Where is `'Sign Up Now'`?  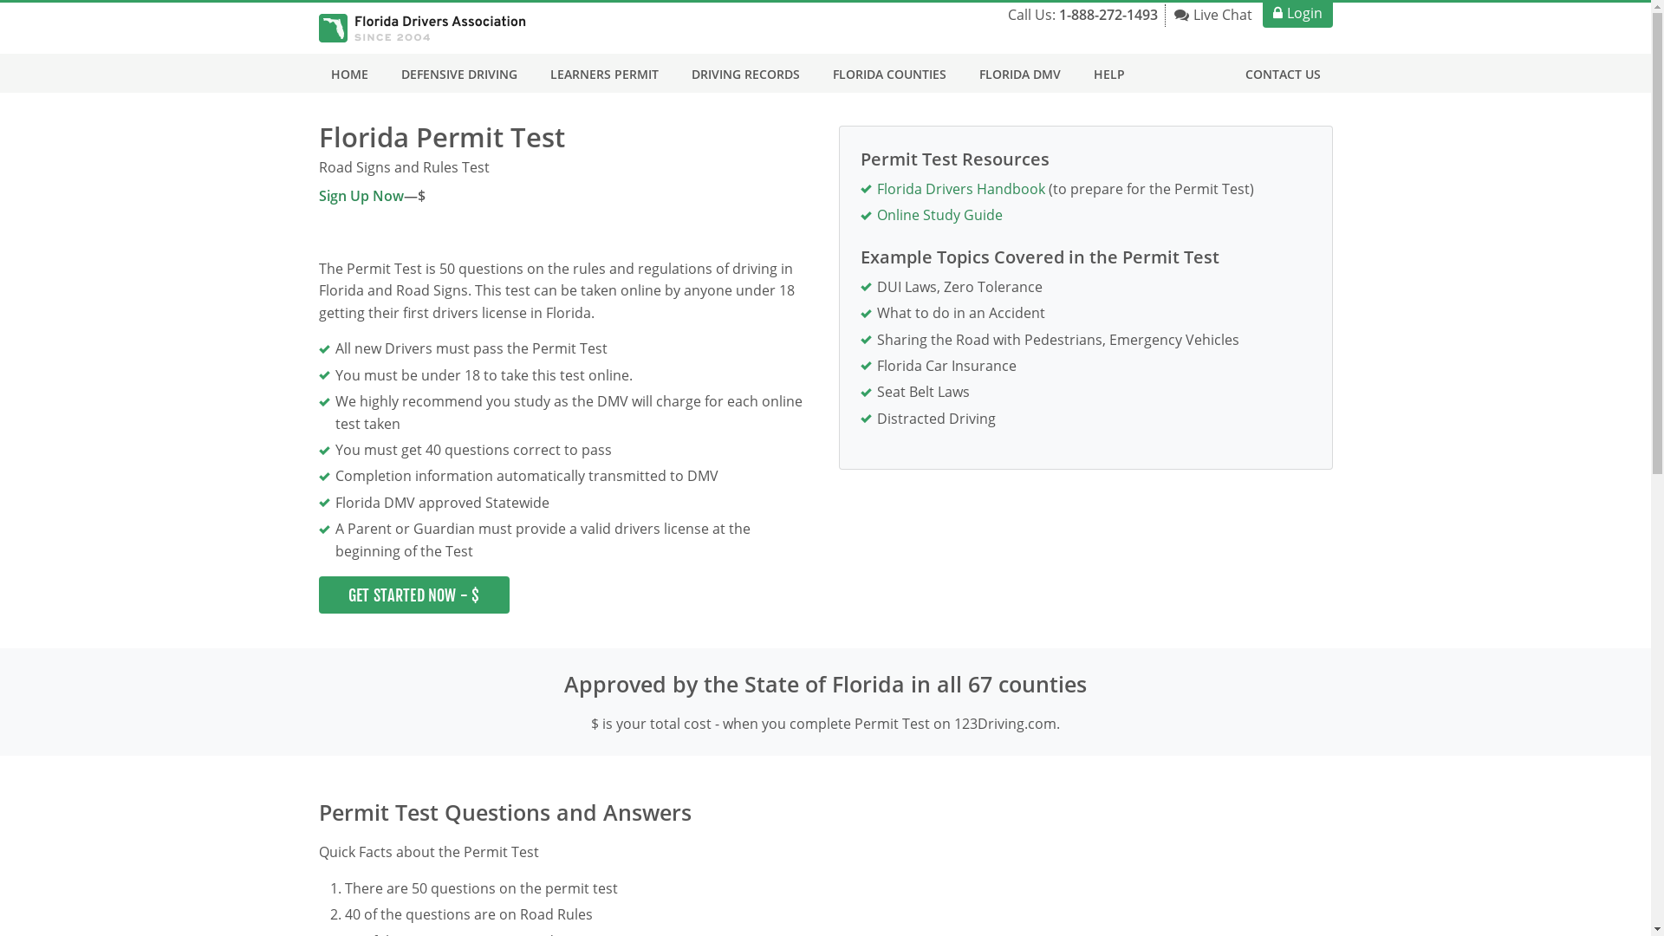 'Sign Up Now' is located at coordinates (319, 195).